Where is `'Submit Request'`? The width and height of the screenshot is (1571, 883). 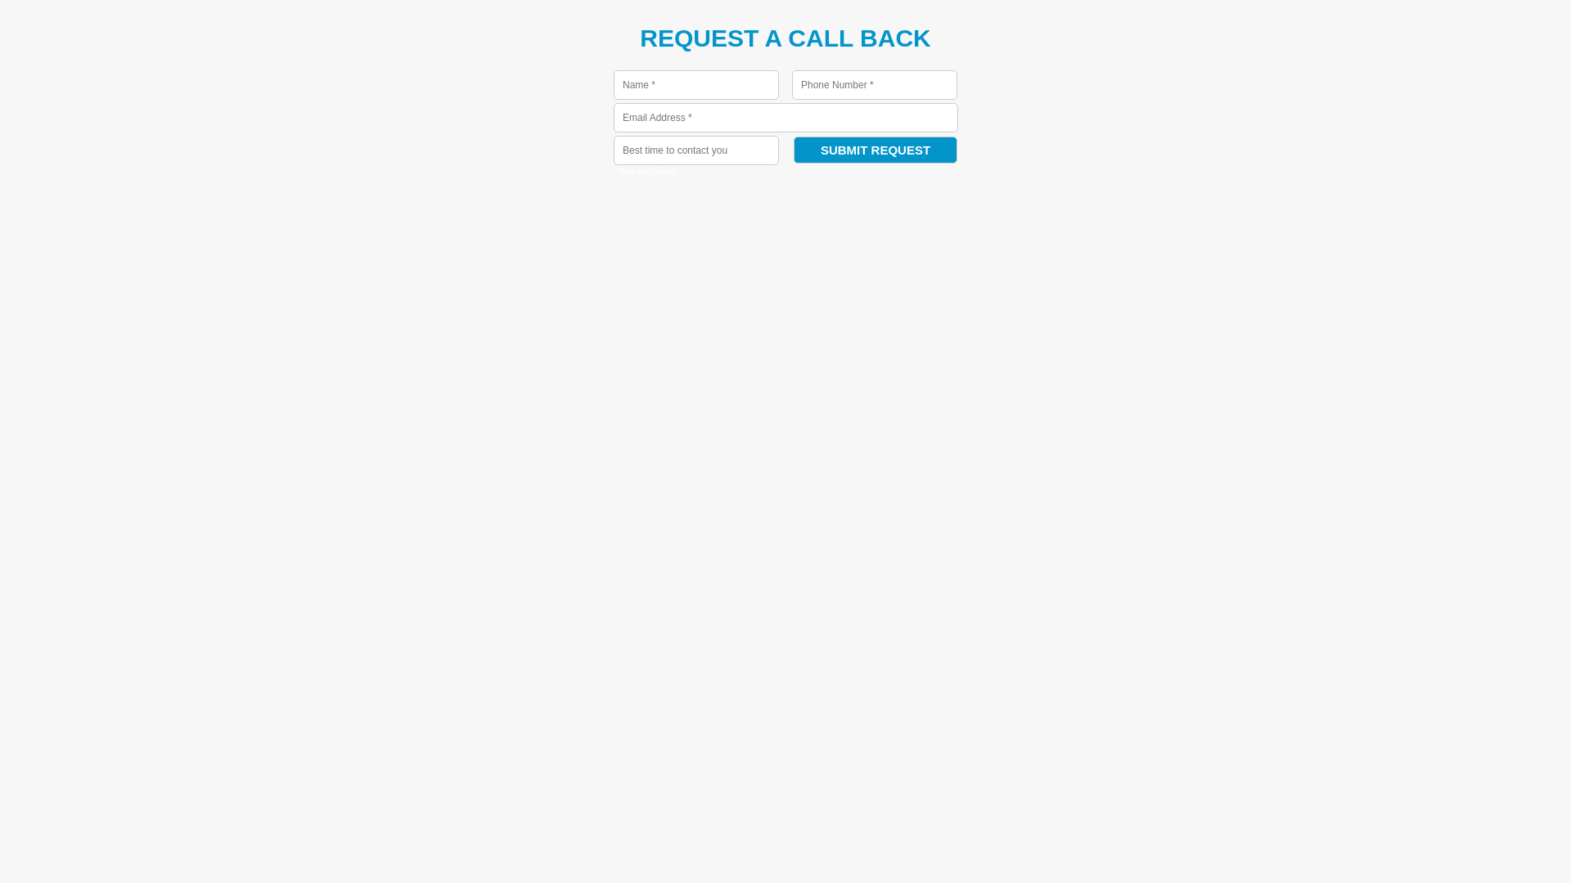 'Submit Request' is located at coordinates (875, 150).